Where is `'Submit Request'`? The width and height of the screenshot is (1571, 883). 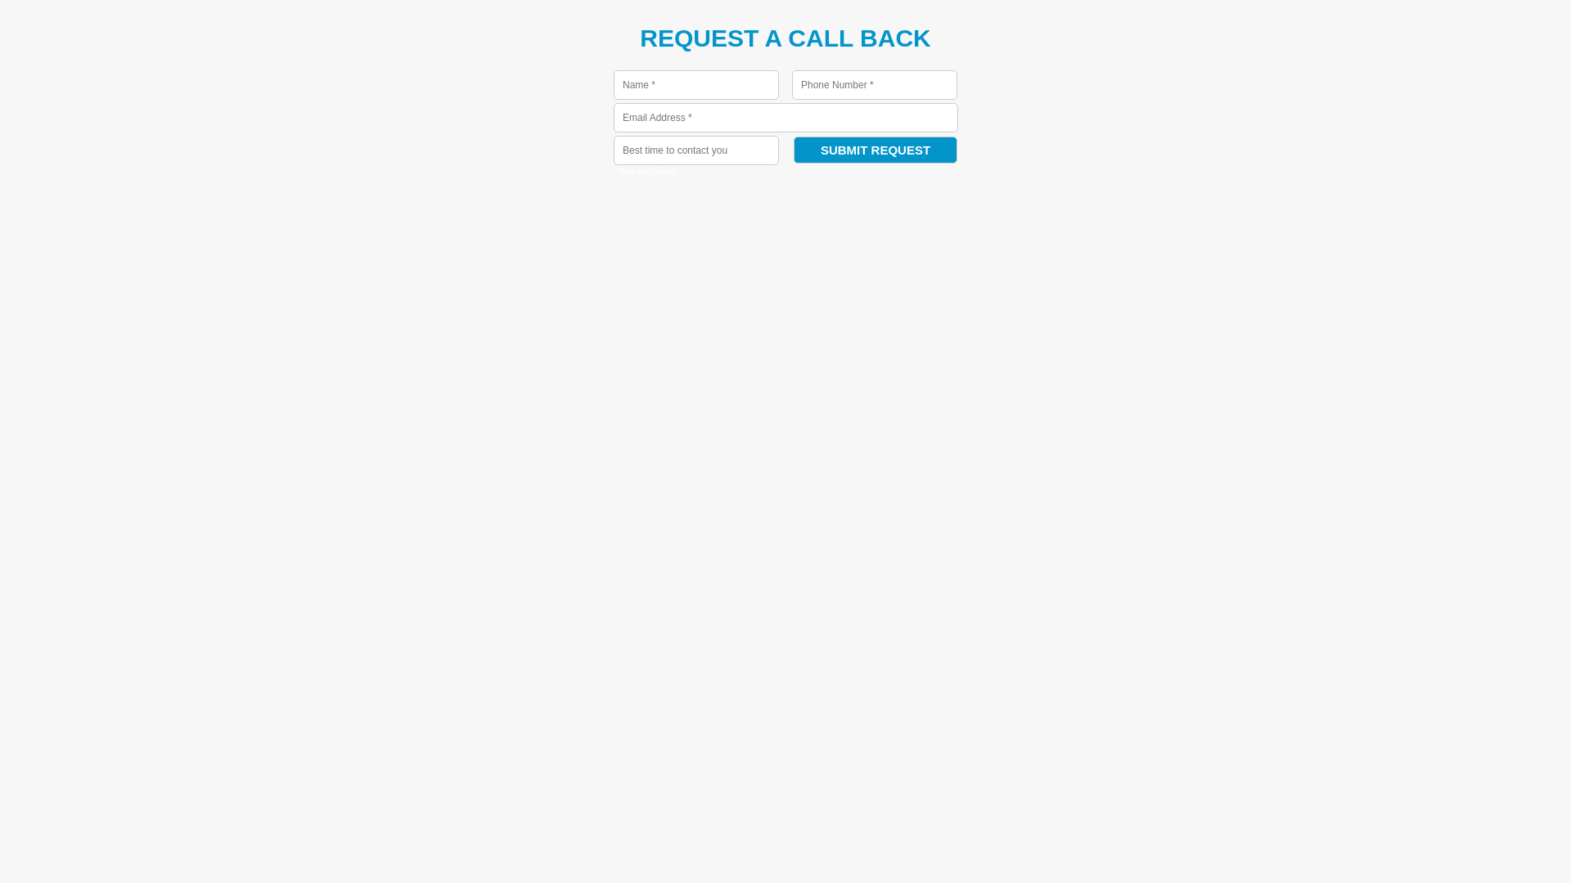 'Submit Request' is located at coordinates (875, 150).